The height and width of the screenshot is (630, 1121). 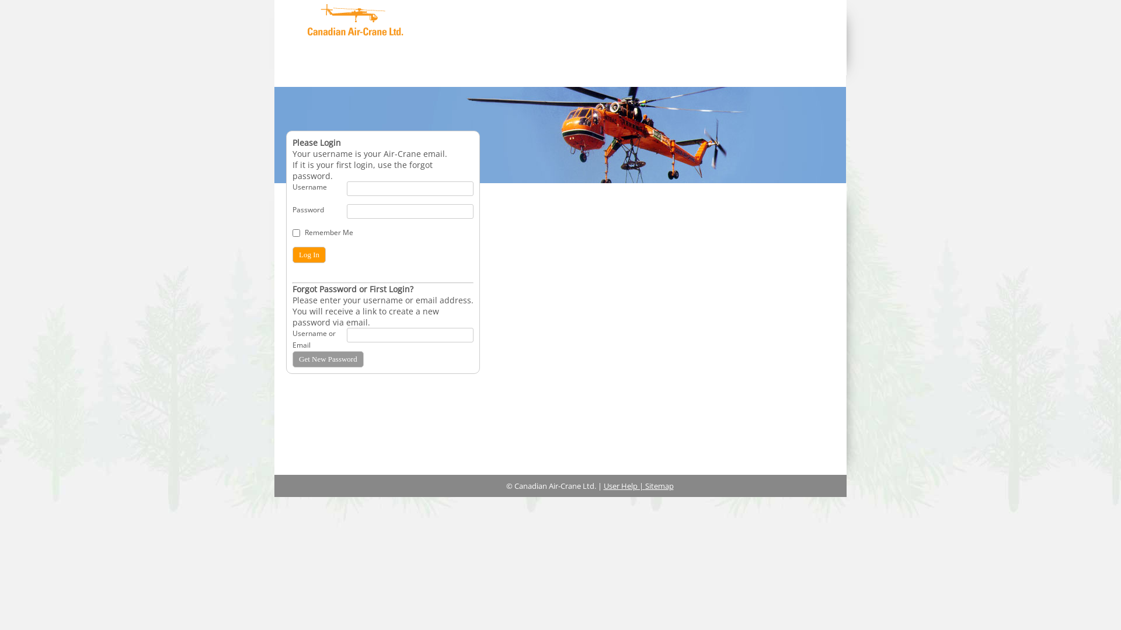 I want to click on 'User Help |', so click(x=624, y=486).